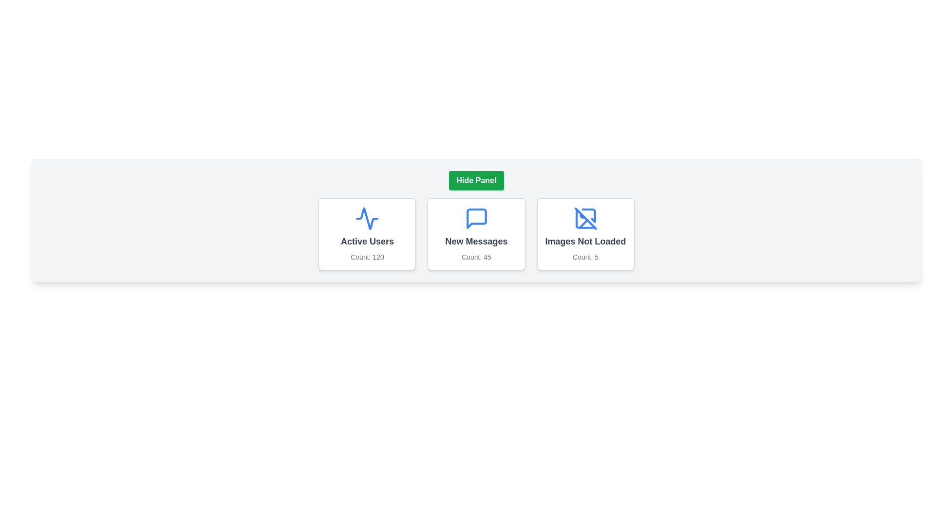 This screenshot has height=526, width=935. I want to click on the card element displaying 'Active Users' with a blue icon, located at the leftmost position in a horizontal grid layout, so click(367, 234).